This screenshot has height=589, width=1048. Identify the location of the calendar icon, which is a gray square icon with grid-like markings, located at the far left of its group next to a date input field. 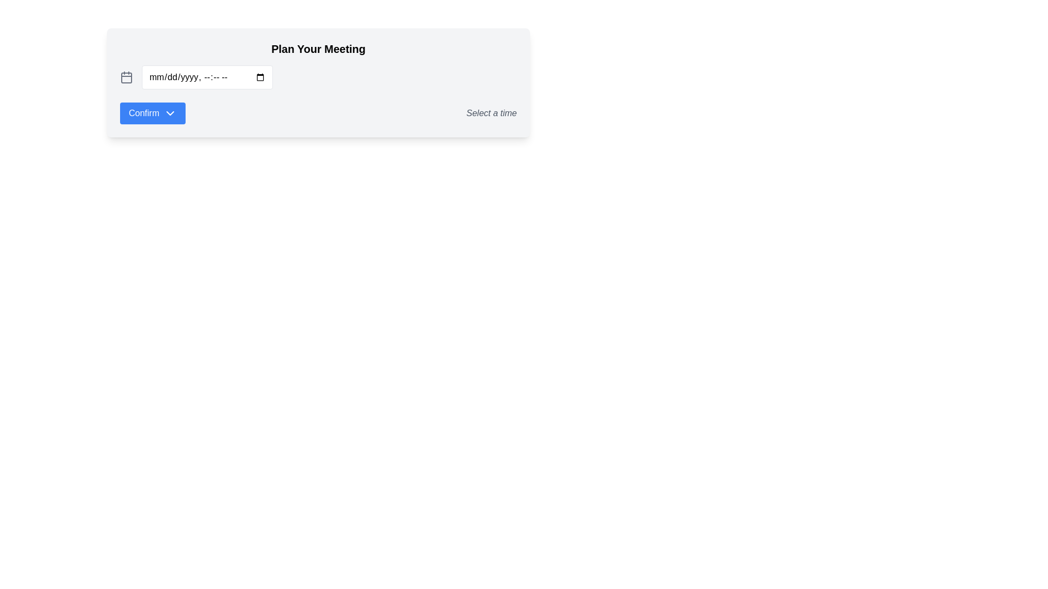
(126, 77).